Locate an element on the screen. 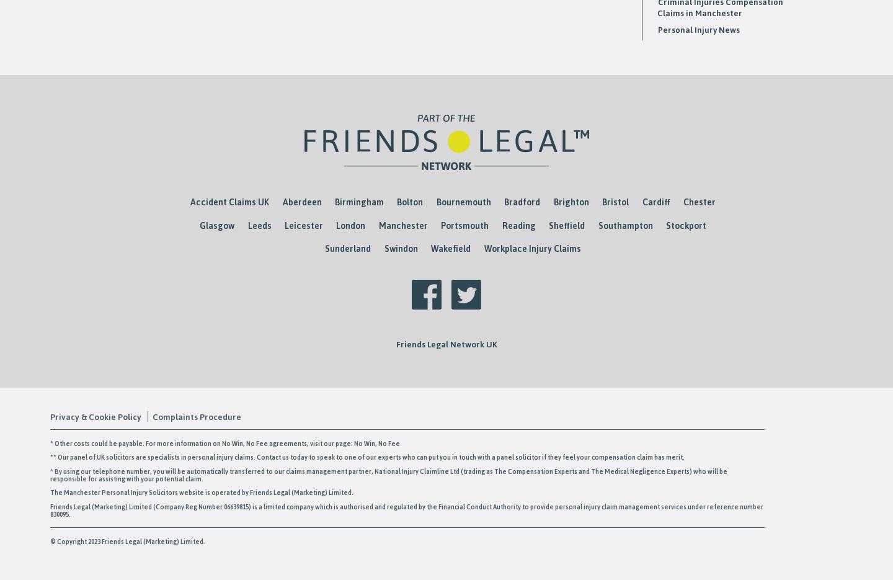 The image size is (893, 580). 'London' is located at coordinates (350, 224).